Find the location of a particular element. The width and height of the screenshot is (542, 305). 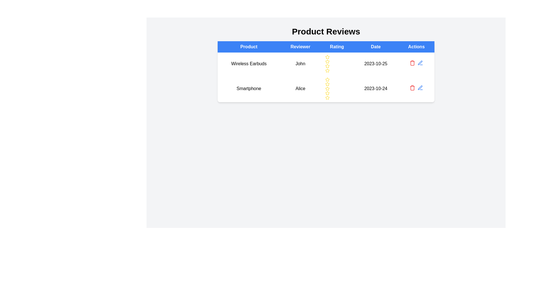

text label in the fourth column header of the product review table to understand its purpose, which indicates the date values for the reviews is located at coordinates (376, 46).